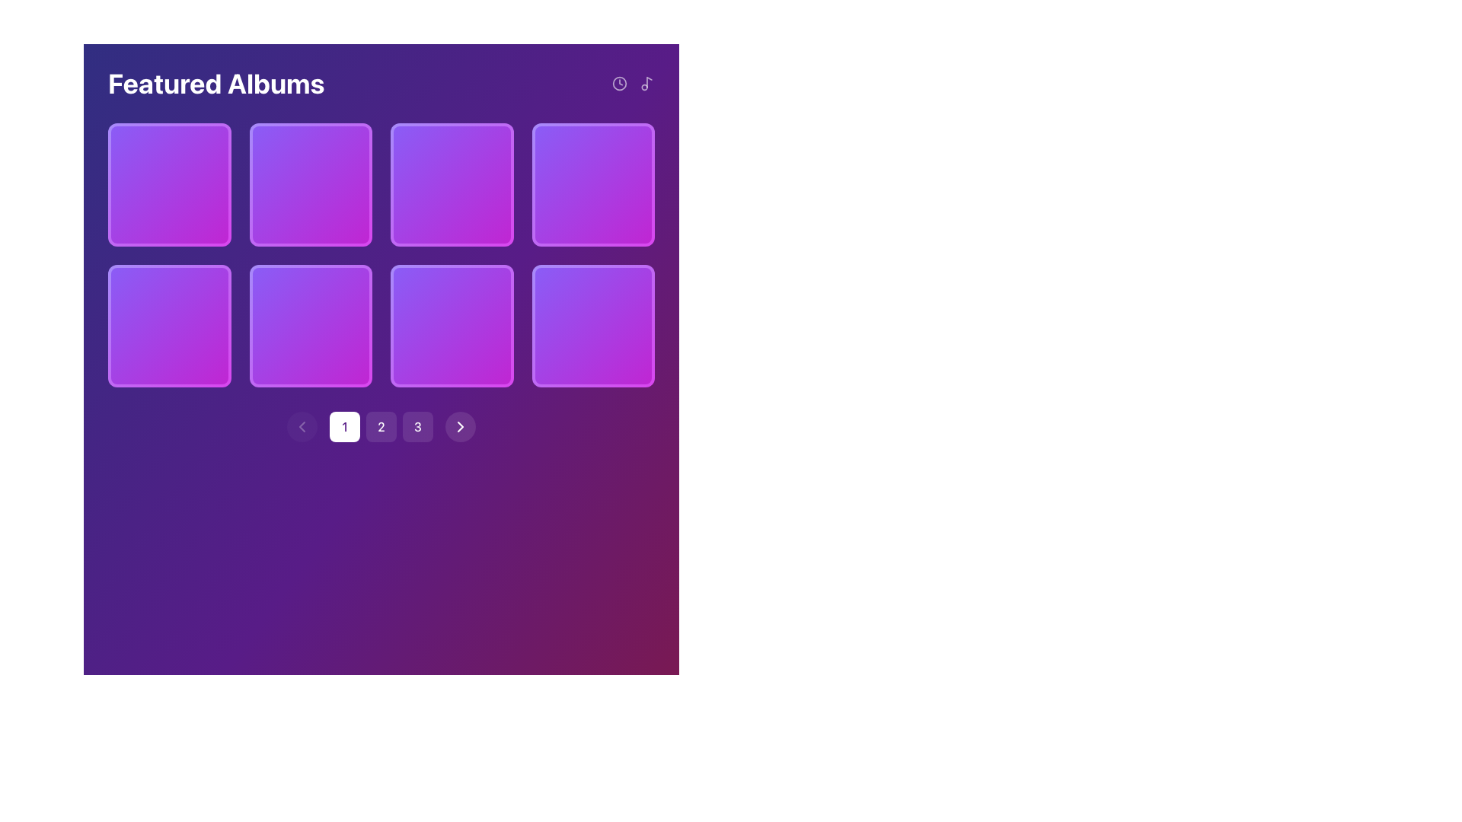  Describe the element at coordinates (169, 325) in the screenshot. I see `the composite UI element displaying 'Album 5' and 'Artist 5' in the second row, first column of the album grid` at that location.